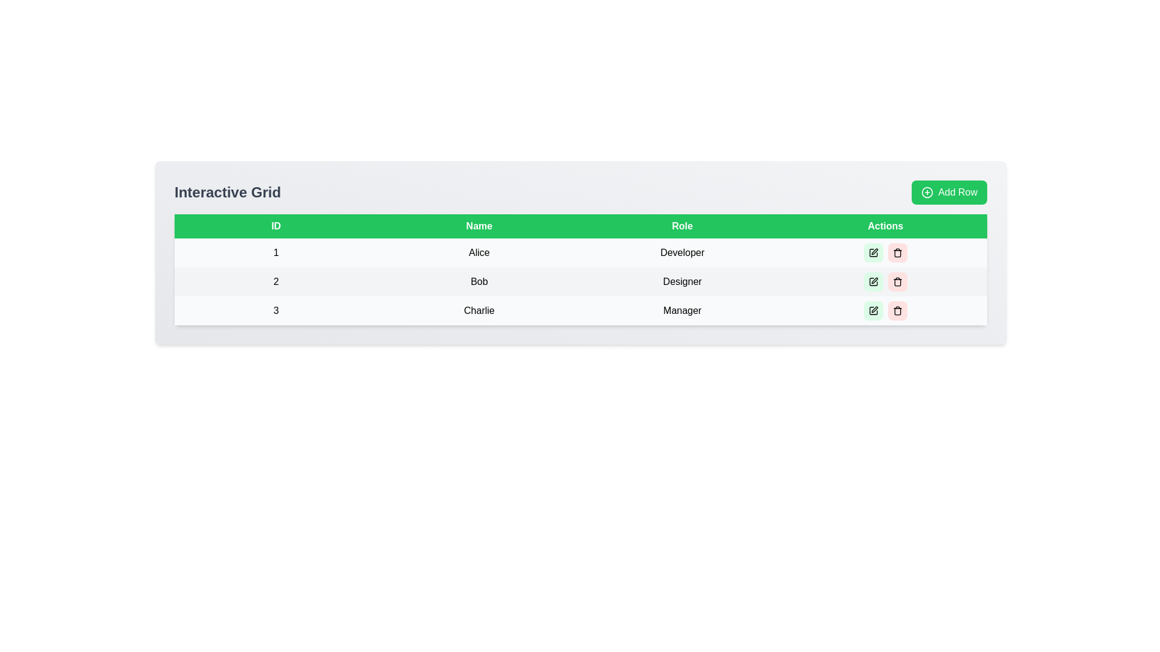 This screenshot has height=652, width=1160. Describe the element at coordinates (897, 281) in the screenshot. I see `the delete icon button with a trash bin symbol located in the 'Actions' column of the second row` at that location.